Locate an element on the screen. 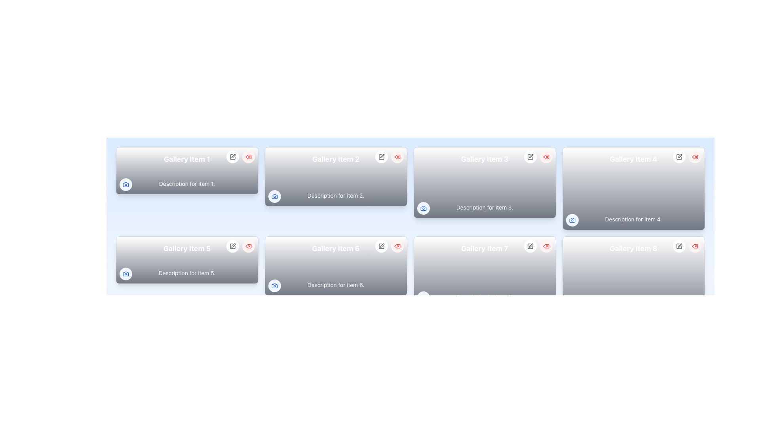  the icon button resembling a pen in the toolbar of 'Gallery Item 8' to possibly reveal more information is located at coordinates (678, 246).